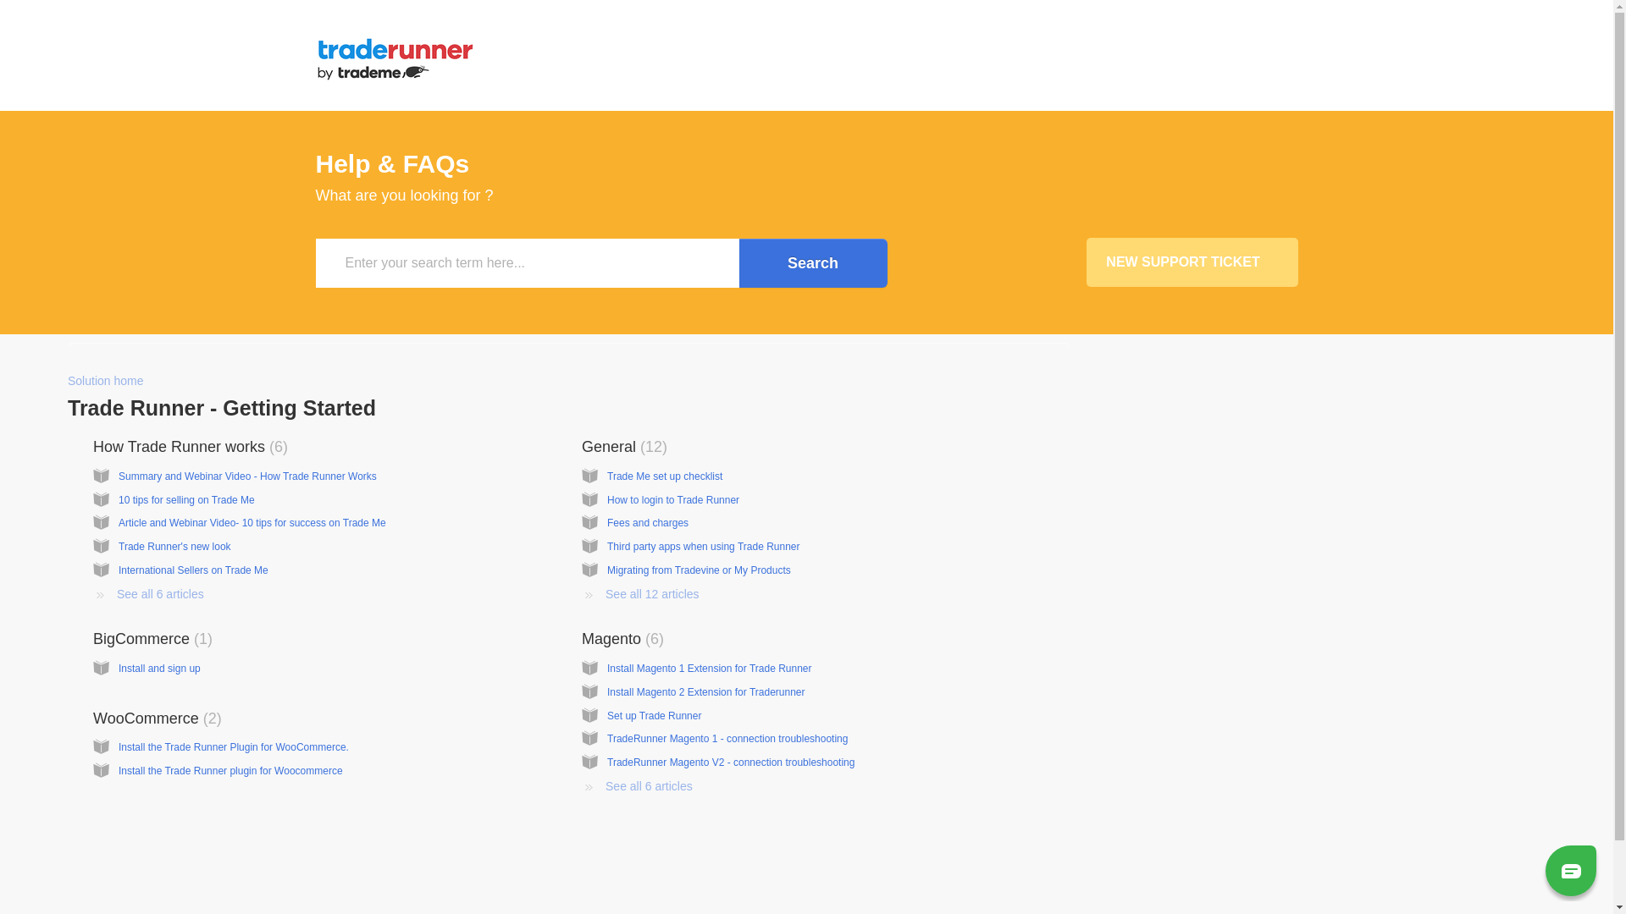 The image size is (1626, 914). Describe the element at coordinates (606, 476) in the screenshot. I see `'Trade Me set up checklist'` at that location.